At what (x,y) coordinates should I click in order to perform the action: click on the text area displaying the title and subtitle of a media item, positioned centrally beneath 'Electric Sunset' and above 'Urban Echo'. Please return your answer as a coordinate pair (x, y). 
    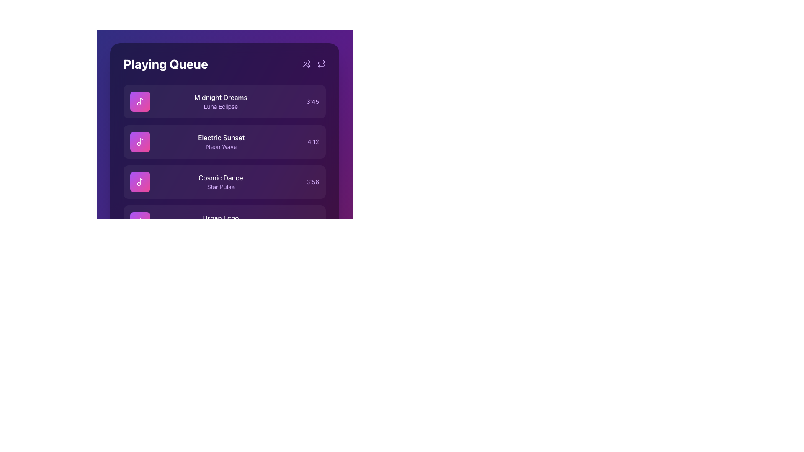
    Looking at the image, I should click on (221, 182).